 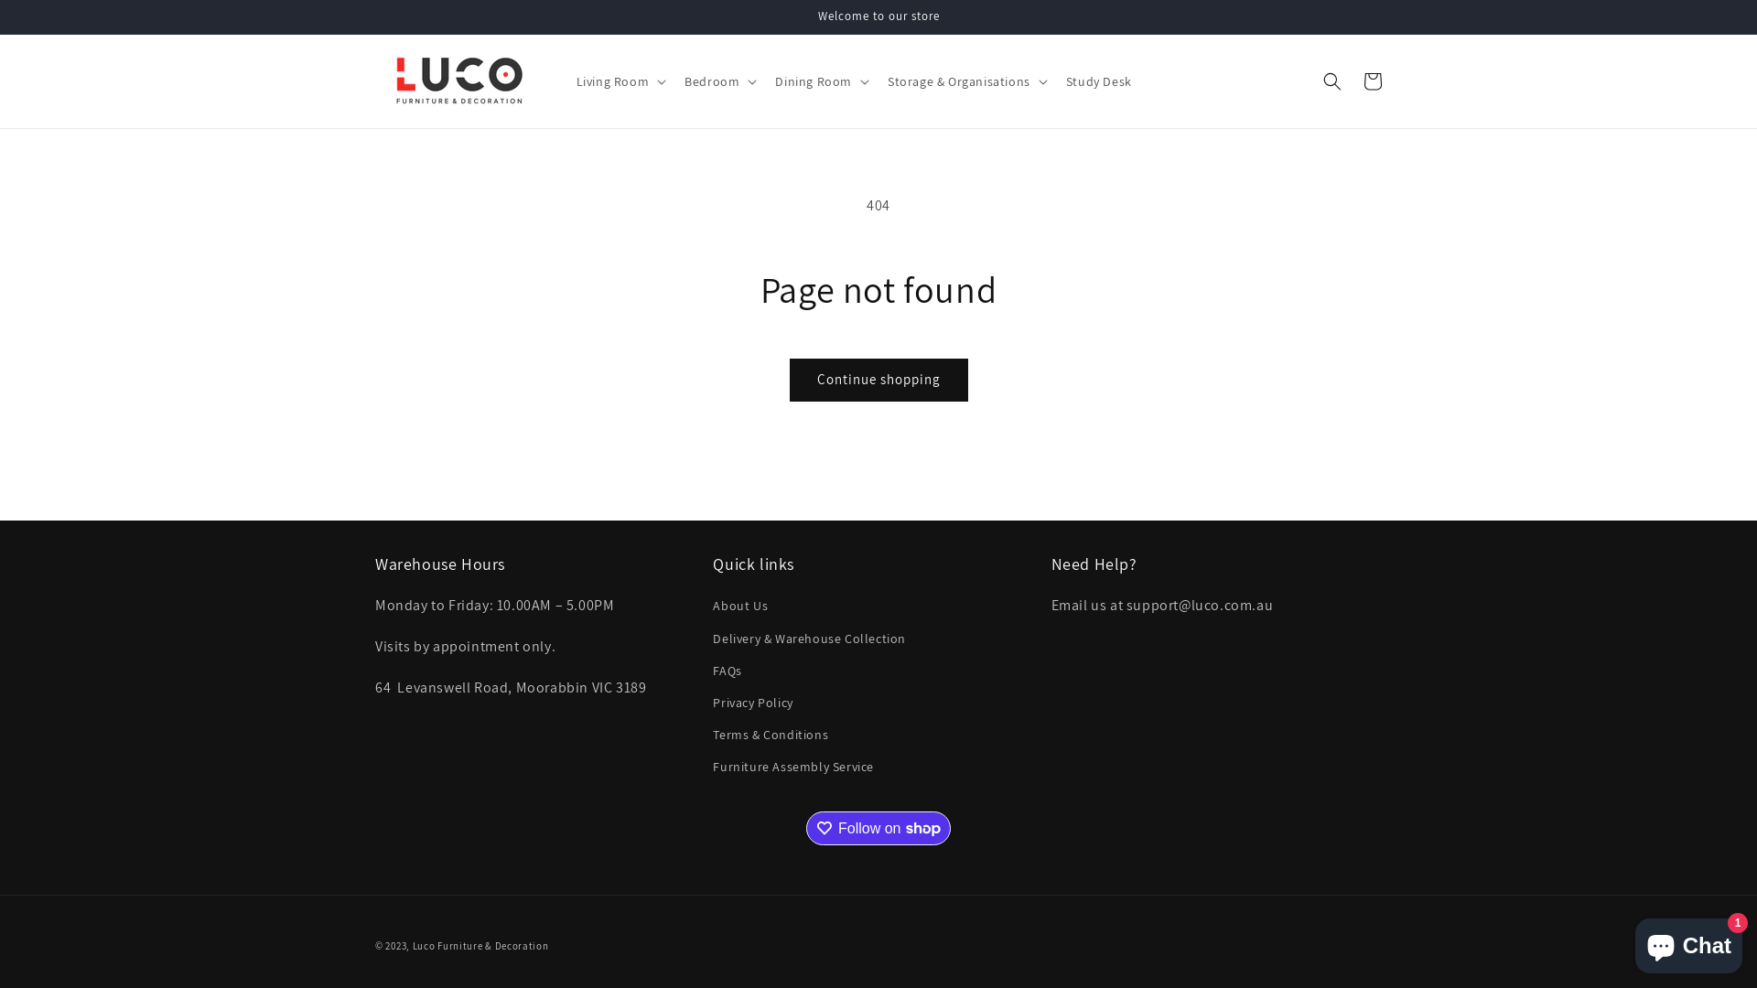 I want to click on 'FAQs', so click(x=726, y=671).